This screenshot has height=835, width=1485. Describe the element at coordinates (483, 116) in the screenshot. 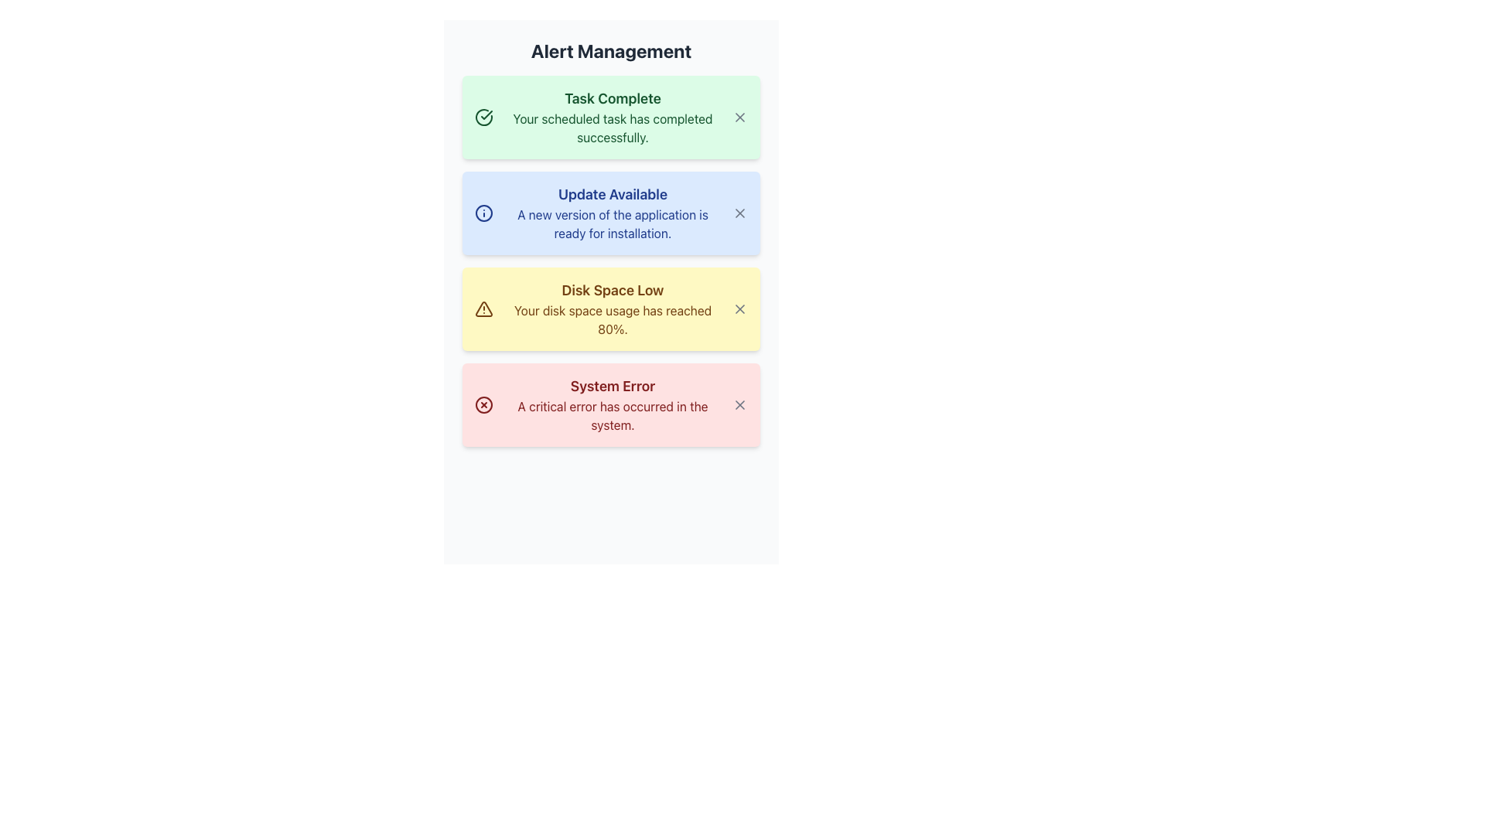

I see `the success indicator icon located to the left of the text 'Task Complete' within the green message box titled 'Task Complete'` at that location.